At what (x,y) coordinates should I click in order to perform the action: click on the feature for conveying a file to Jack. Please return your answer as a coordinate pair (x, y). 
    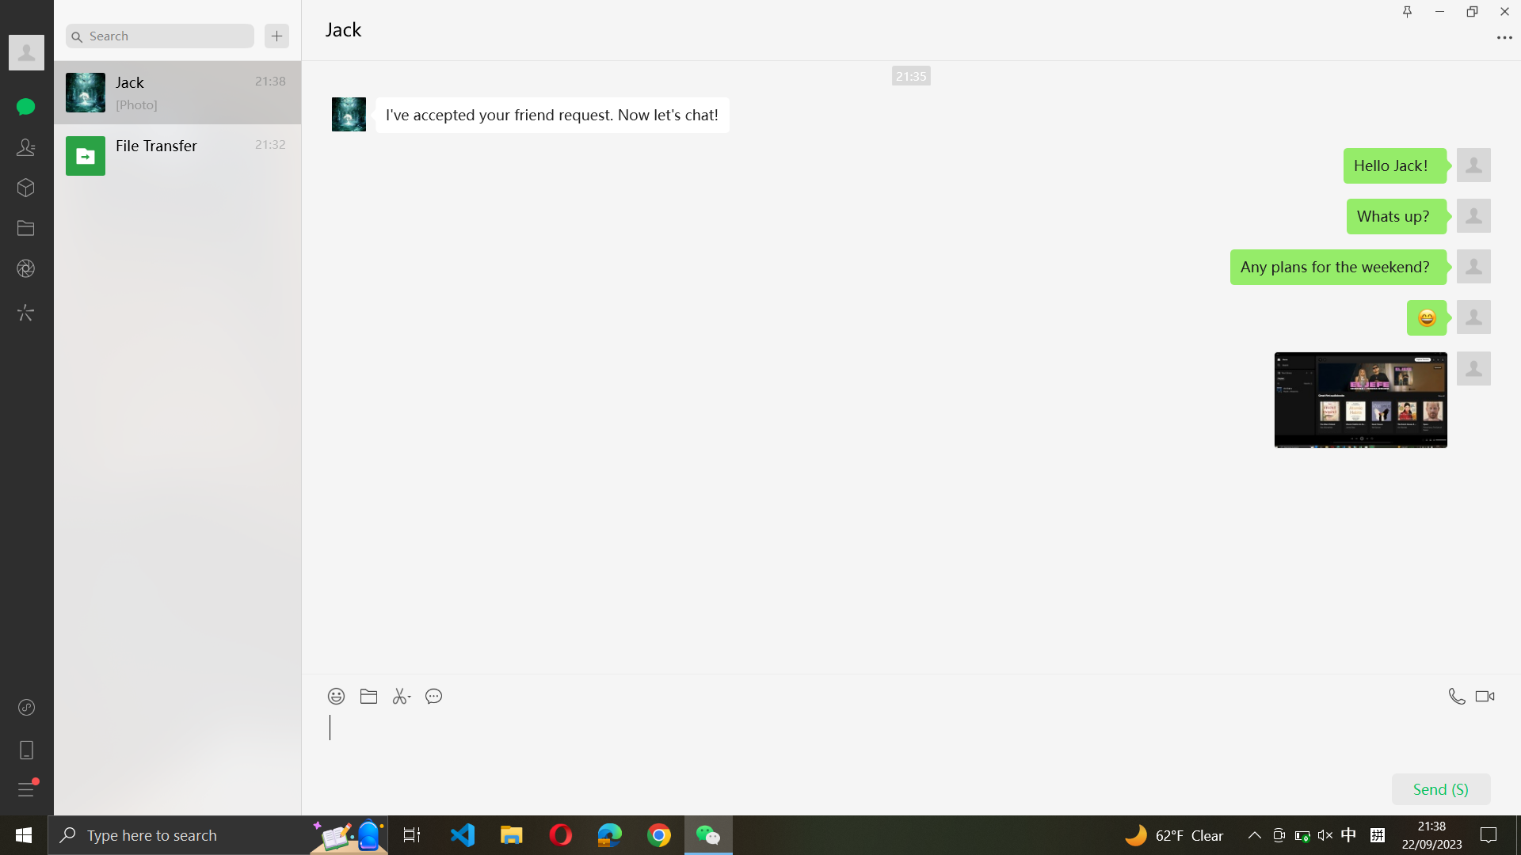
    Looking at the image, I should click on (369, 692).